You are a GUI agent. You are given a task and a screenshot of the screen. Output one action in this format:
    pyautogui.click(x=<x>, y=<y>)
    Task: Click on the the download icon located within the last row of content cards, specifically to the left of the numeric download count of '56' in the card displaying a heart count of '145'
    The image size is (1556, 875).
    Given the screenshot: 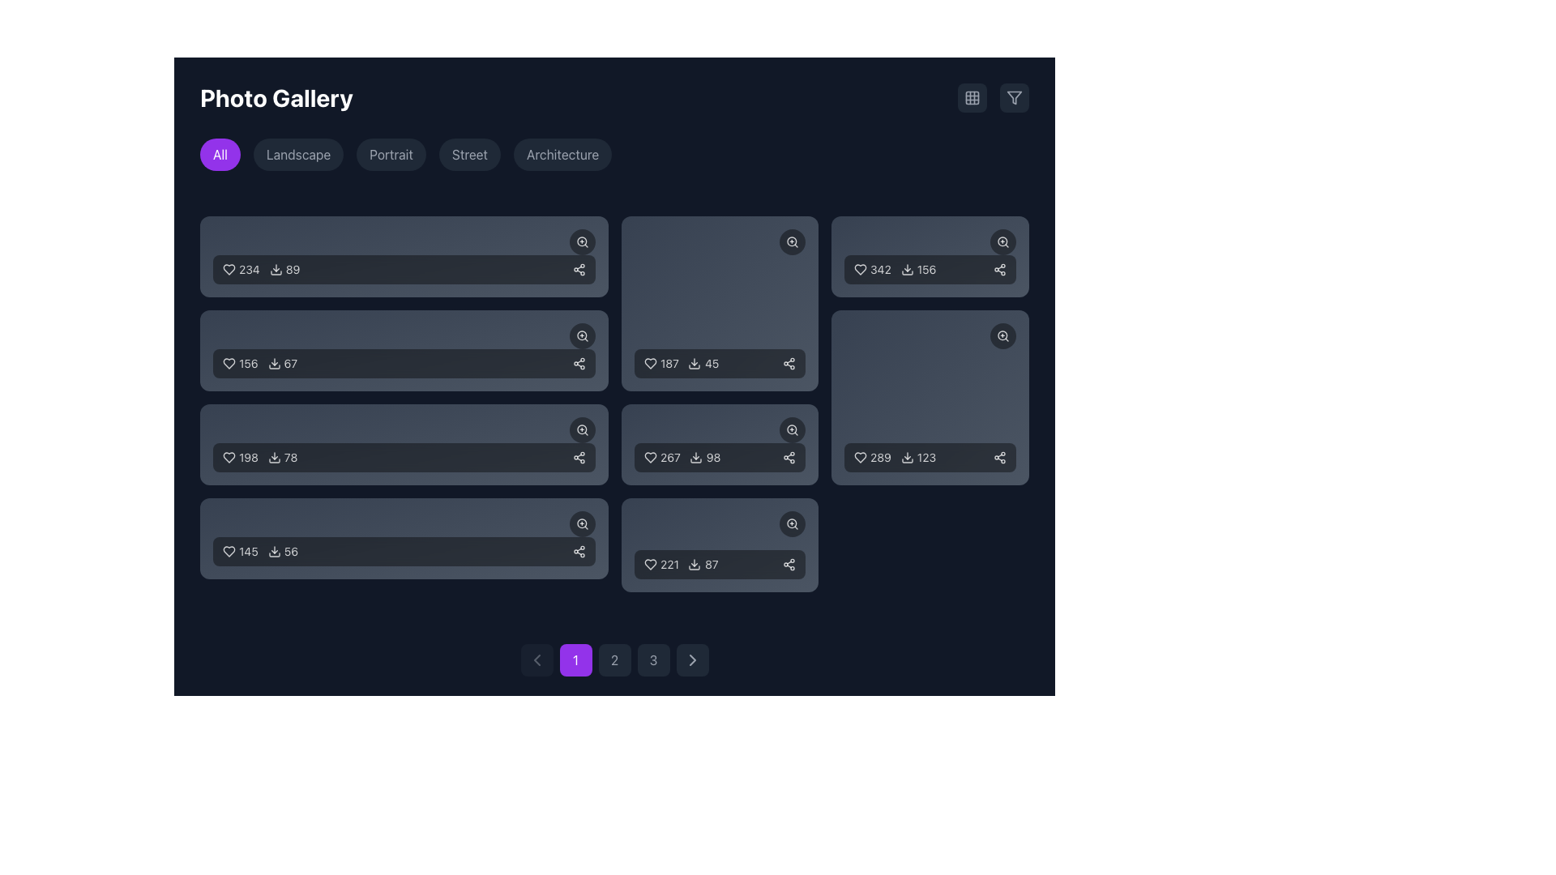 What is the action you would take?
    pyautogui.click(x=274, y=551)
    